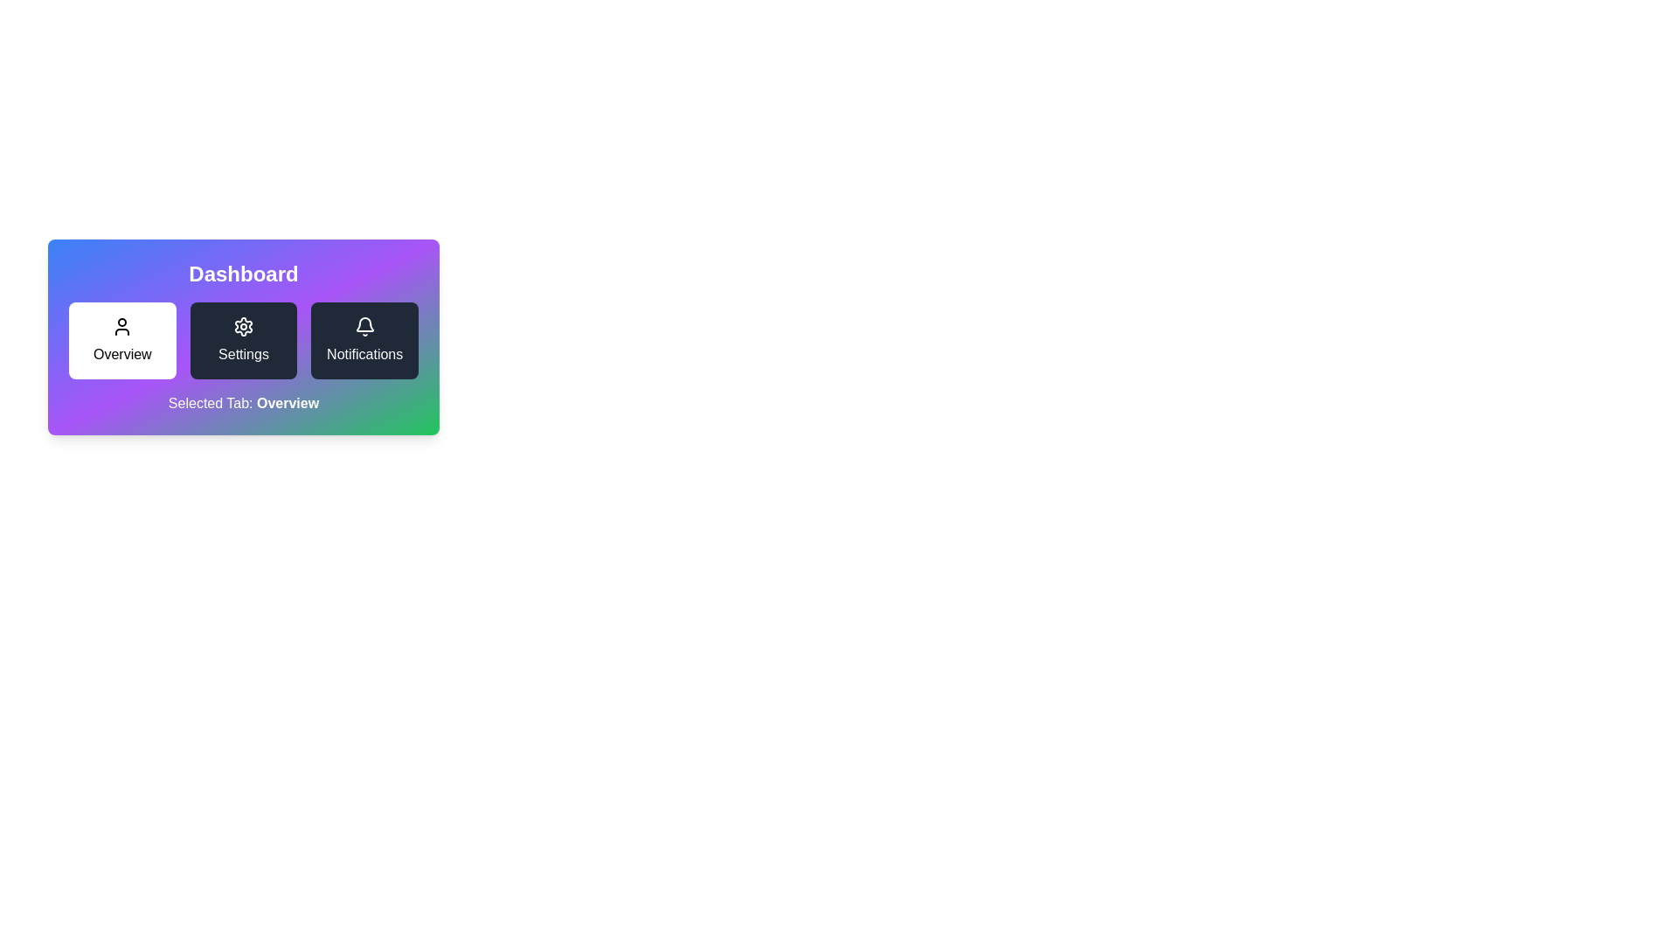 The image size is (1678, 944). Describe the element at coordinates (121, 327) in the screenshot. I see `the user icon representing the 'Overview' tab, which is the first icon in a horizontally aligned tab group within a card-like layout` at that location.